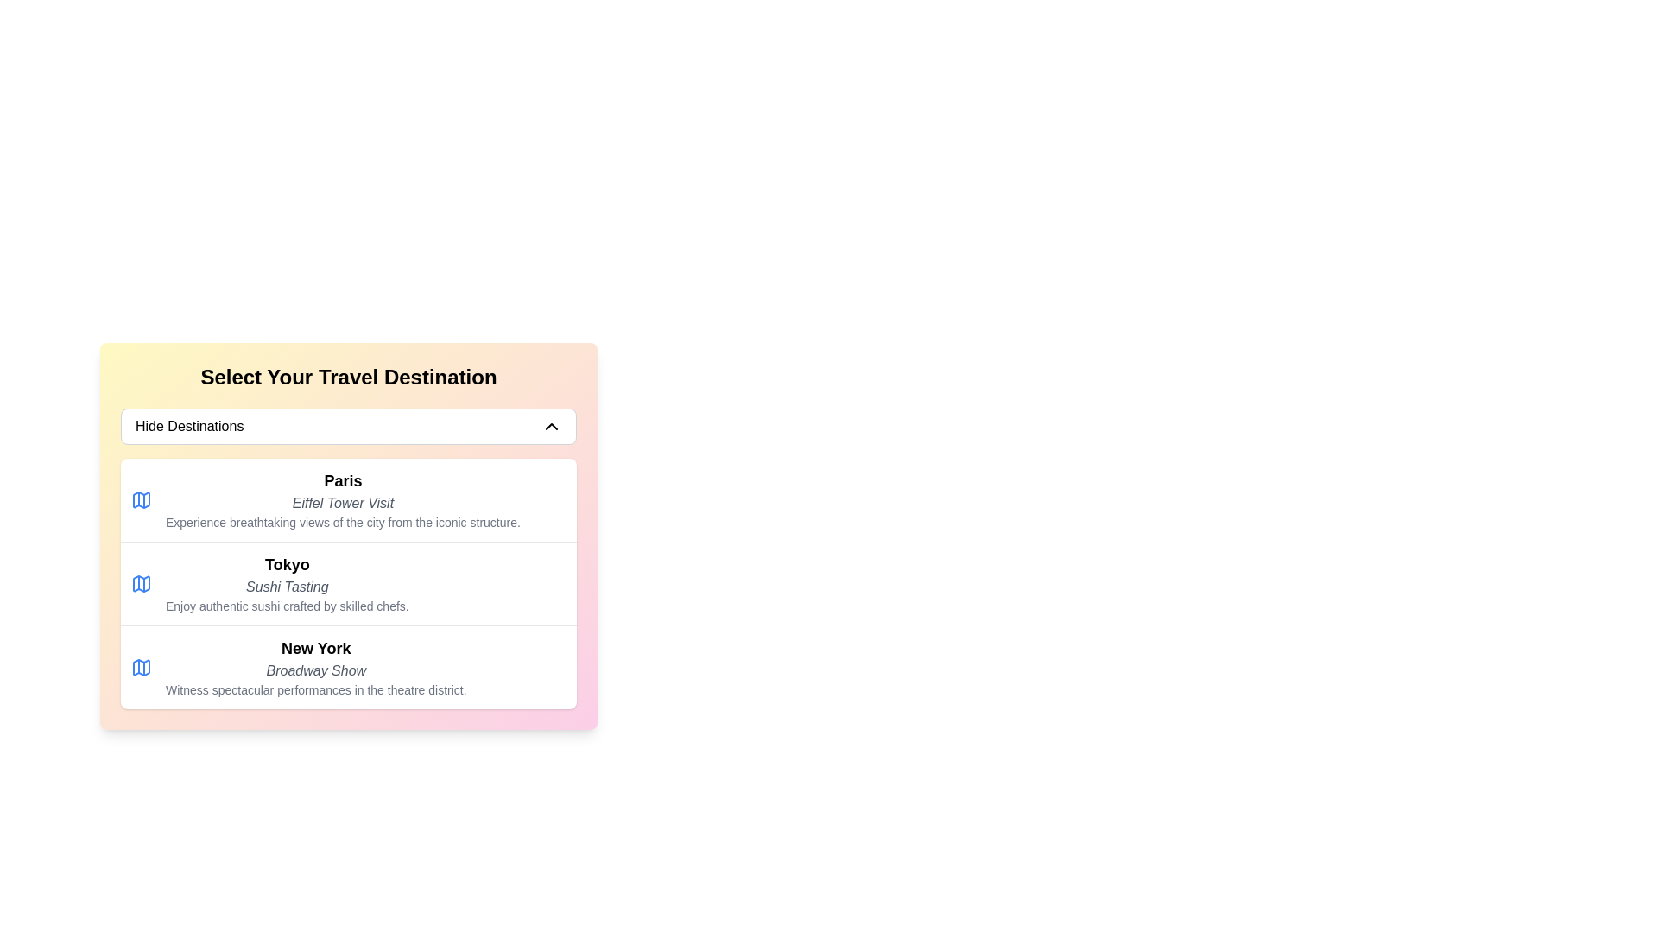 The width and height of the screenshot is (1658, 933). I want to click on the blue map icon representing navigation located to the left of 'New York' in the third list item of the featured destinations panel, so click(141, 666).